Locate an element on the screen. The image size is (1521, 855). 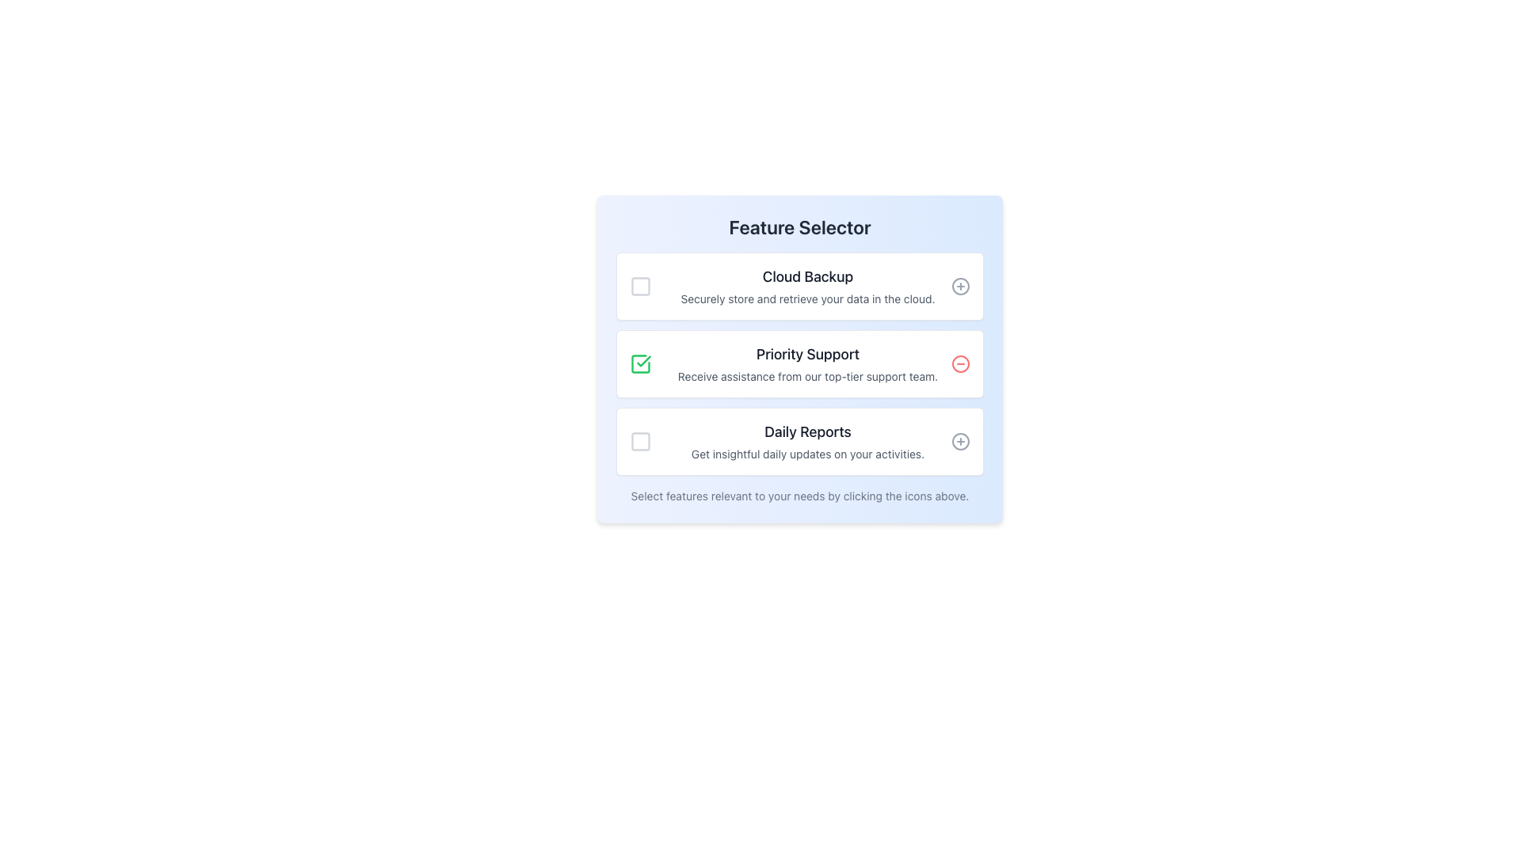
the Decorative icon component which is part of the square icon to the left of 'Cloud Backup' in the feature selection panel is located at coordinates (641, 287).